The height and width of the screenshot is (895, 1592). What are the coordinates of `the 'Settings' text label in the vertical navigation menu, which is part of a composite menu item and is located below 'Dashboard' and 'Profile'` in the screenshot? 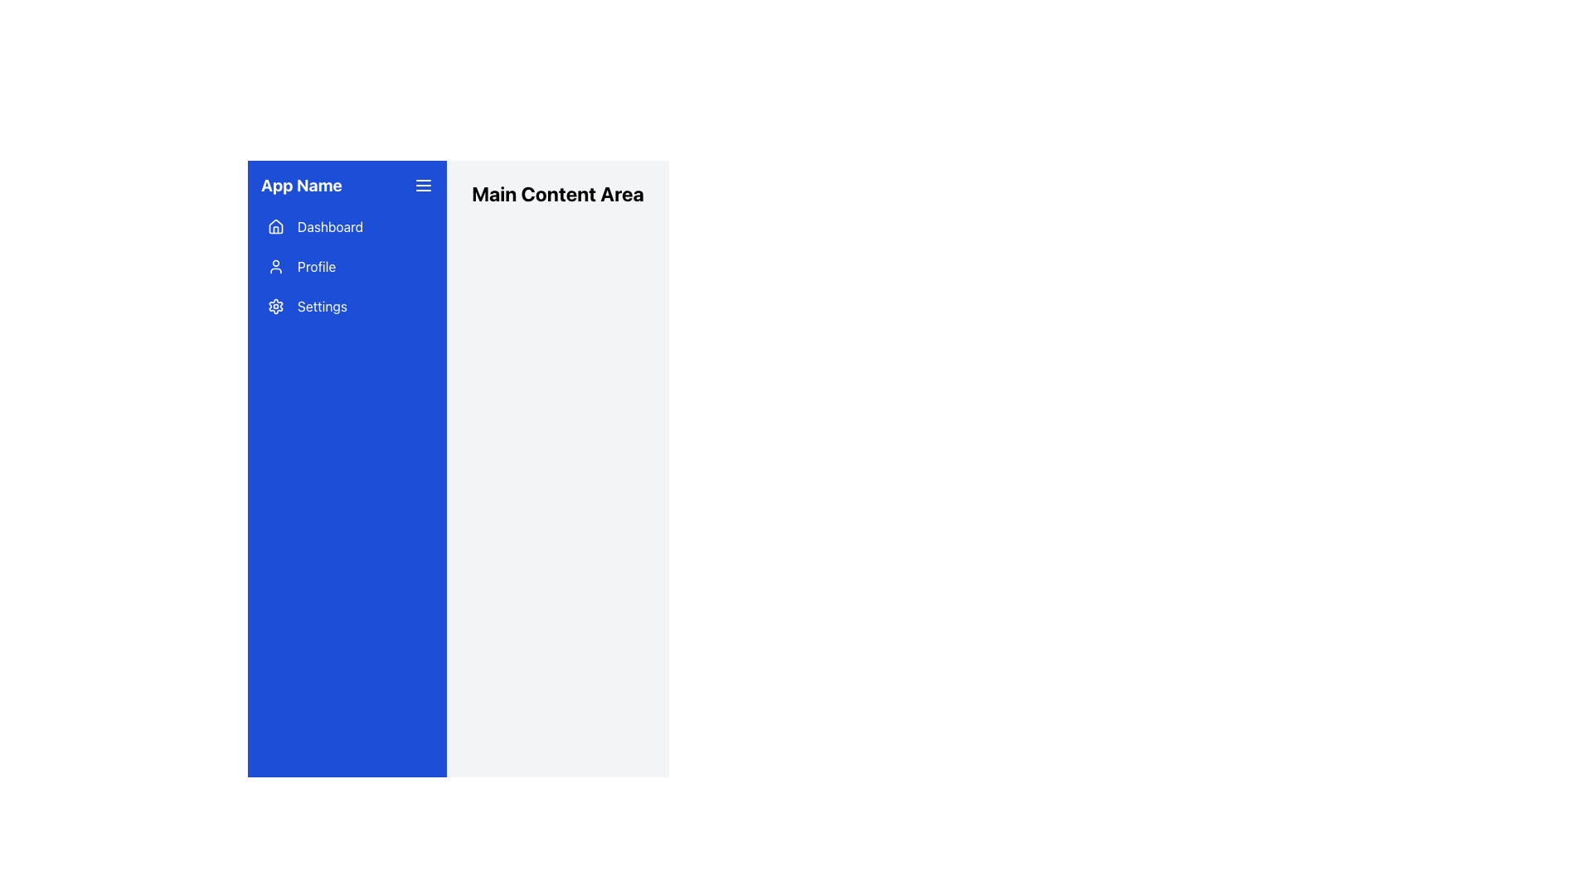 It's located at (322, 307).